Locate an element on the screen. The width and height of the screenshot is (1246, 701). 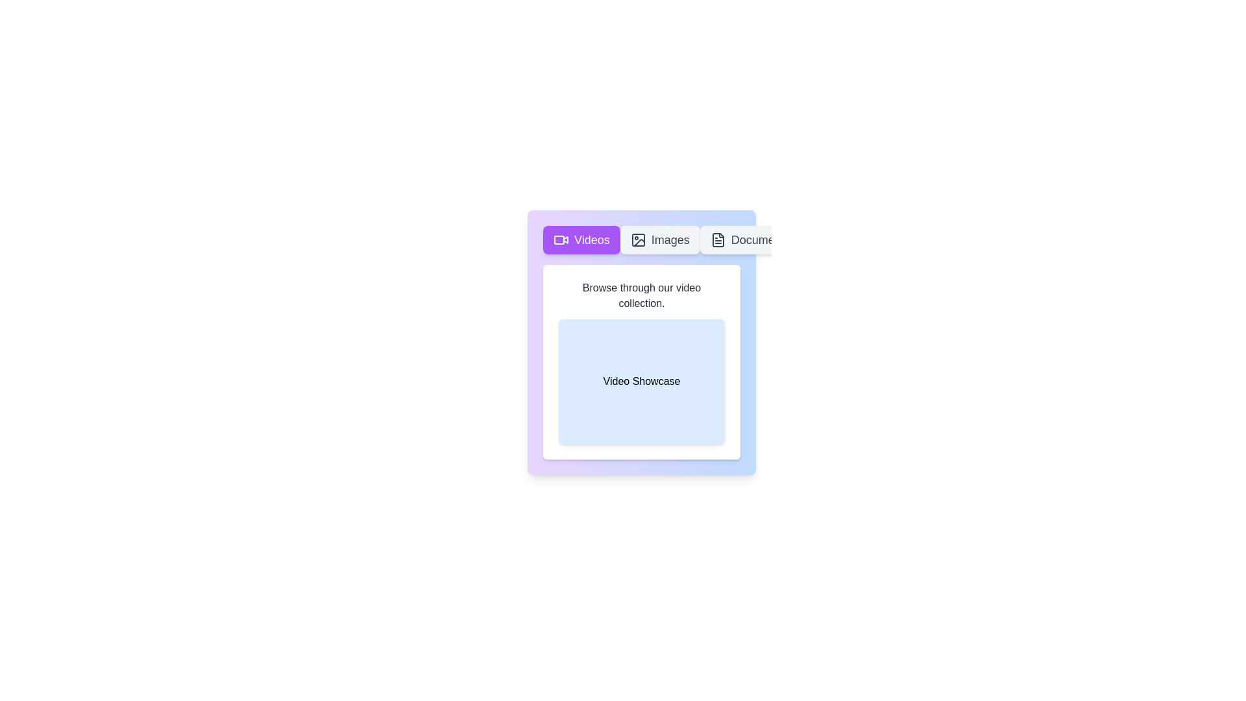
the 'Images' button located in the horizontal navigation bar is located at coordinates (660, 240).